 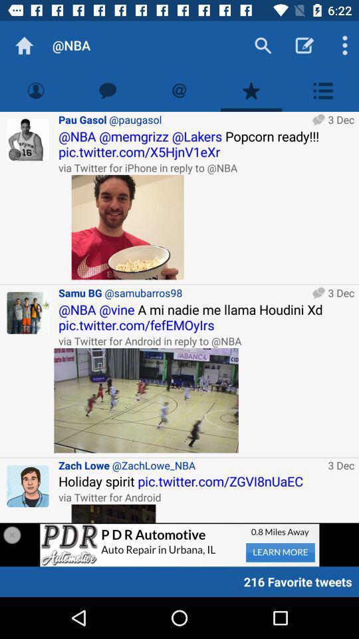 What do you see at coordinates (114, 513) in the screenshot?
I see `image` at bounding box center [114, 513].